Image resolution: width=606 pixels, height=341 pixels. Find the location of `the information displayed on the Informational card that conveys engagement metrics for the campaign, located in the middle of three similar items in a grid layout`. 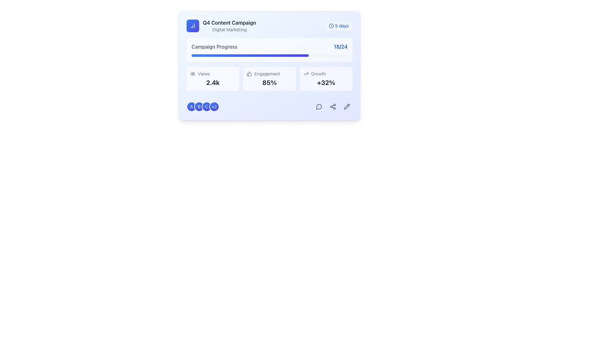

the information displayed on the Informational card that conveys engagement metrics for the campaign, located in the middle of three similar items in a grid layout is located at coordinates (270, 79).